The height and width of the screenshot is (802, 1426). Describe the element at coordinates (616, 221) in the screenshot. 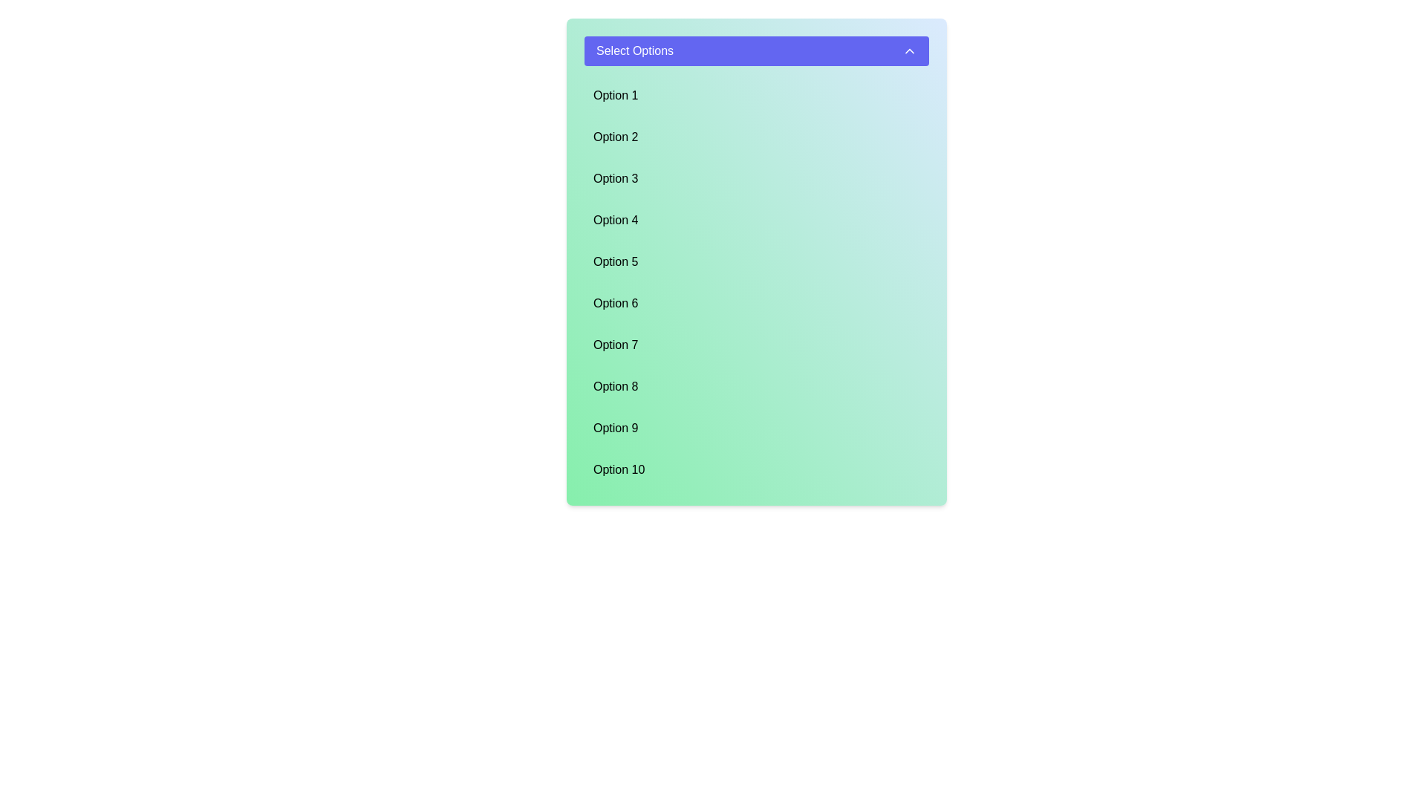

I see `the fourth selectable option in the dropdown menu labeled 'Select Options'` at that location.